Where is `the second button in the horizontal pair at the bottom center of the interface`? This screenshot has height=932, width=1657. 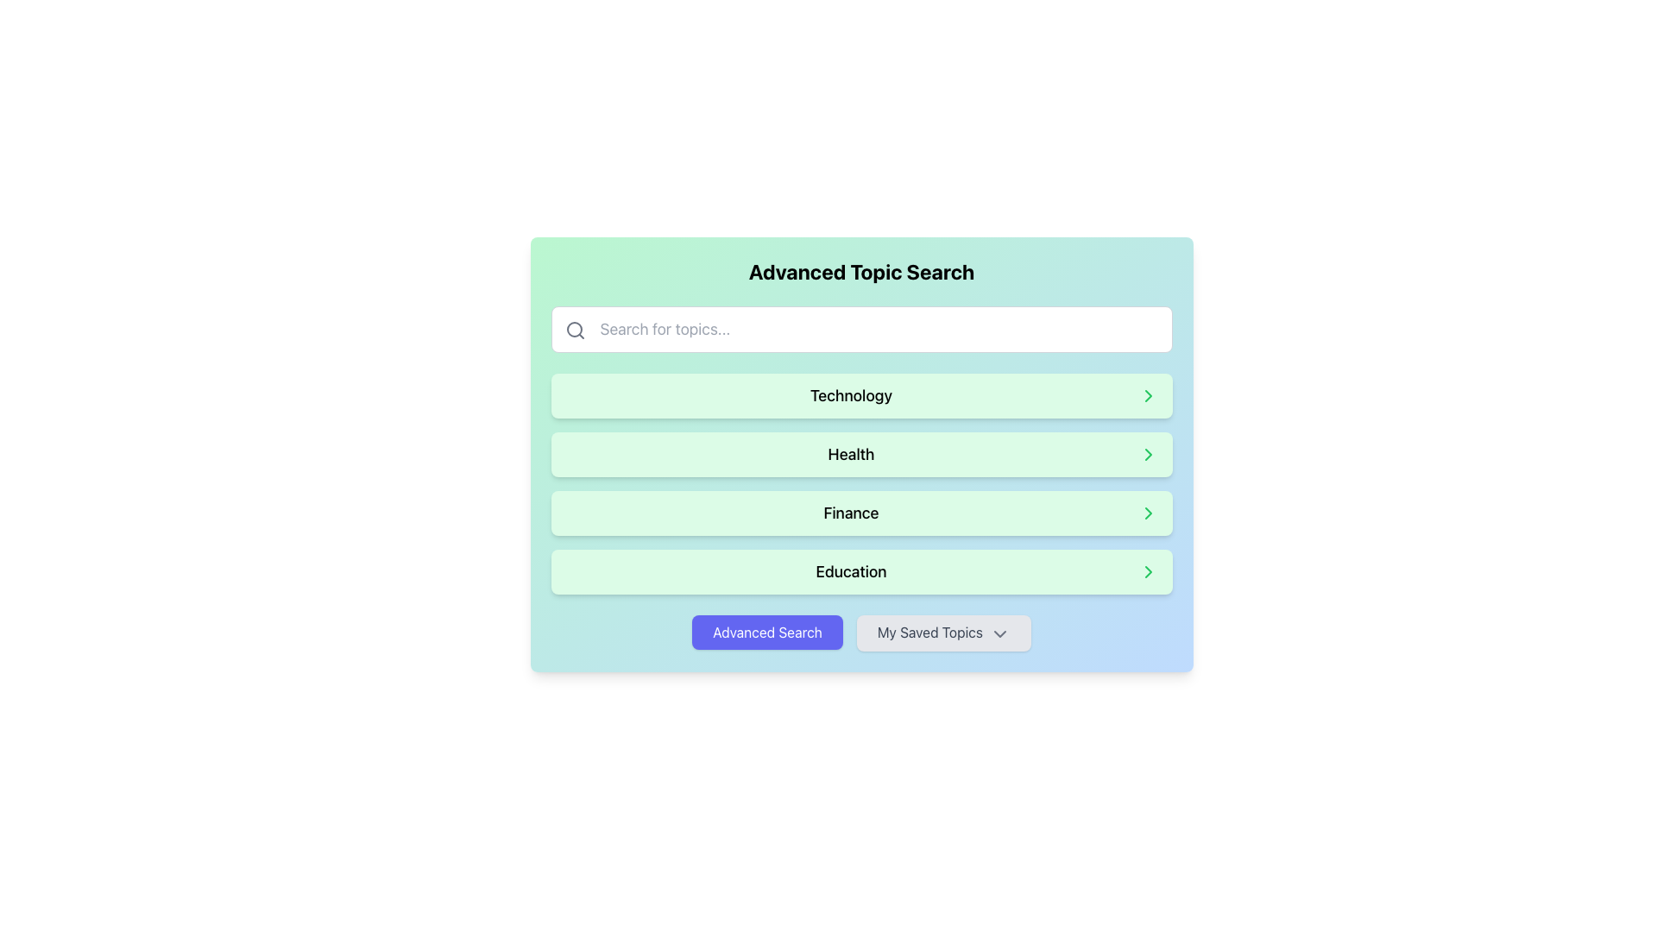 the second button in the horizontal pair at the bottom center of the interface is located at coordinates (942, 633).